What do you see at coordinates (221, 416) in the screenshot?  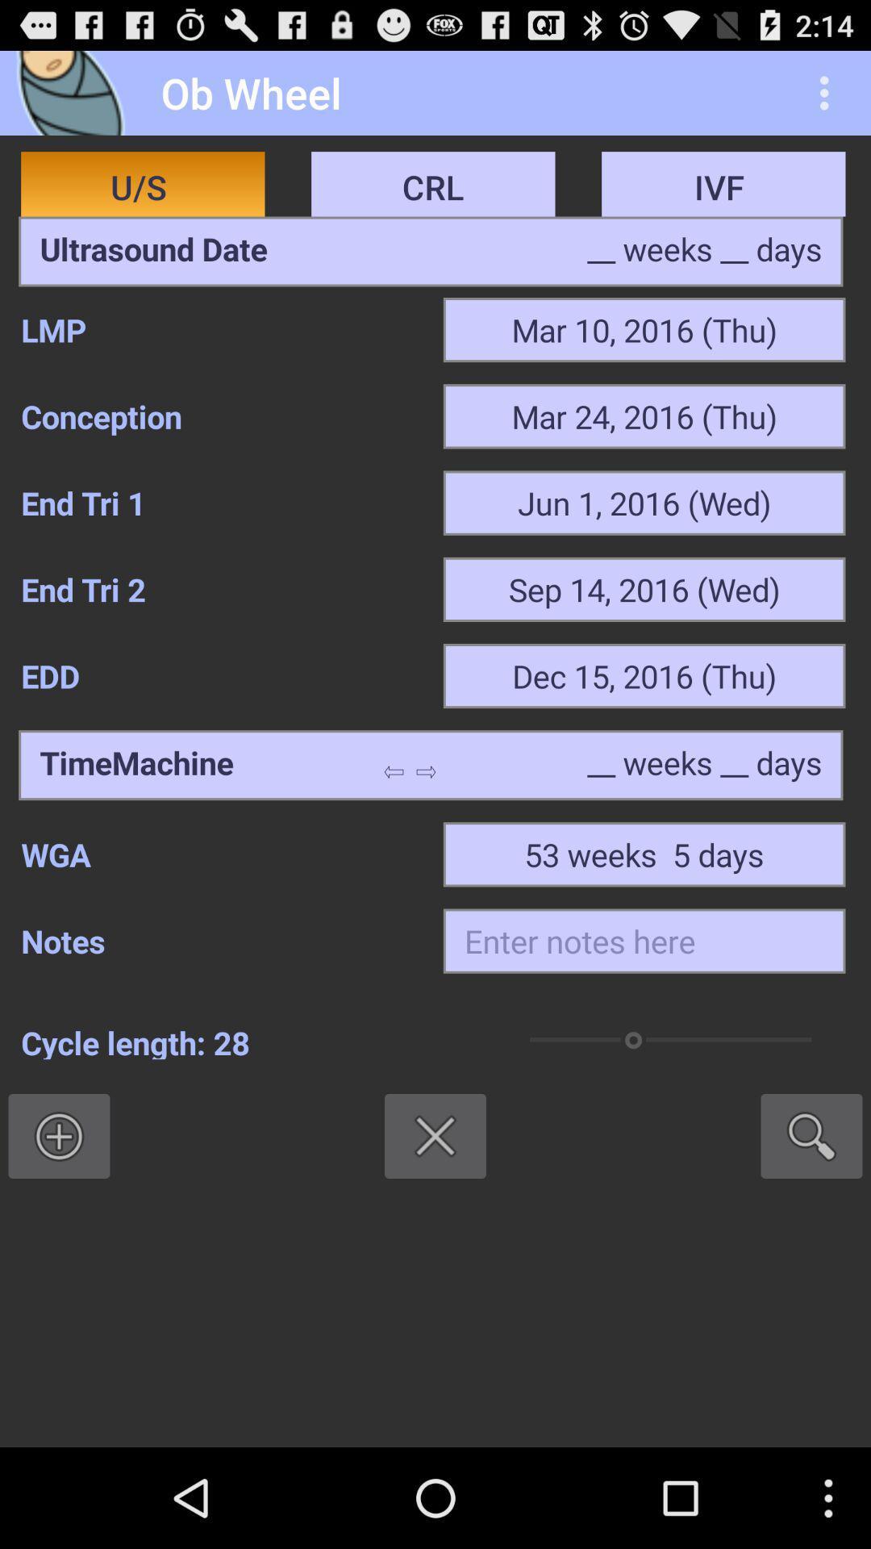 I see `the item above the end tri 1 item` at bounding box center [221, 416].